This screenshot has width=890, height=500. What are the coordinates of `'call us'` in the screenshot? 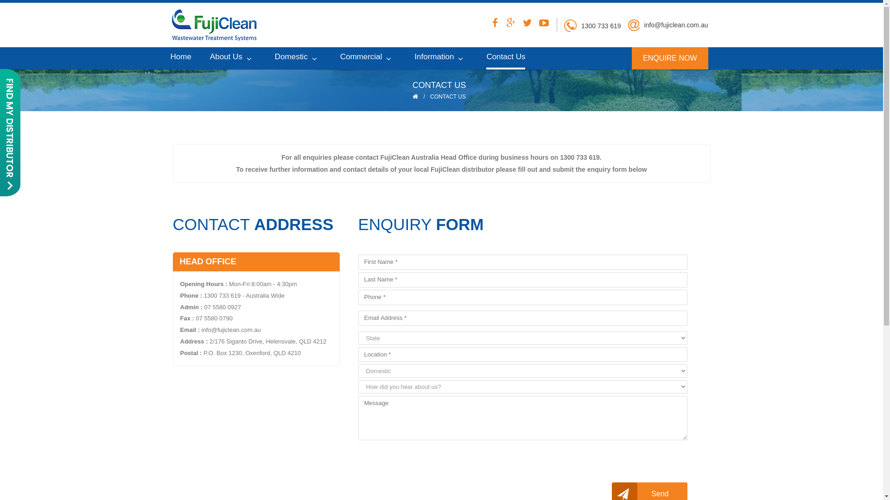 It's located at (564, 25).